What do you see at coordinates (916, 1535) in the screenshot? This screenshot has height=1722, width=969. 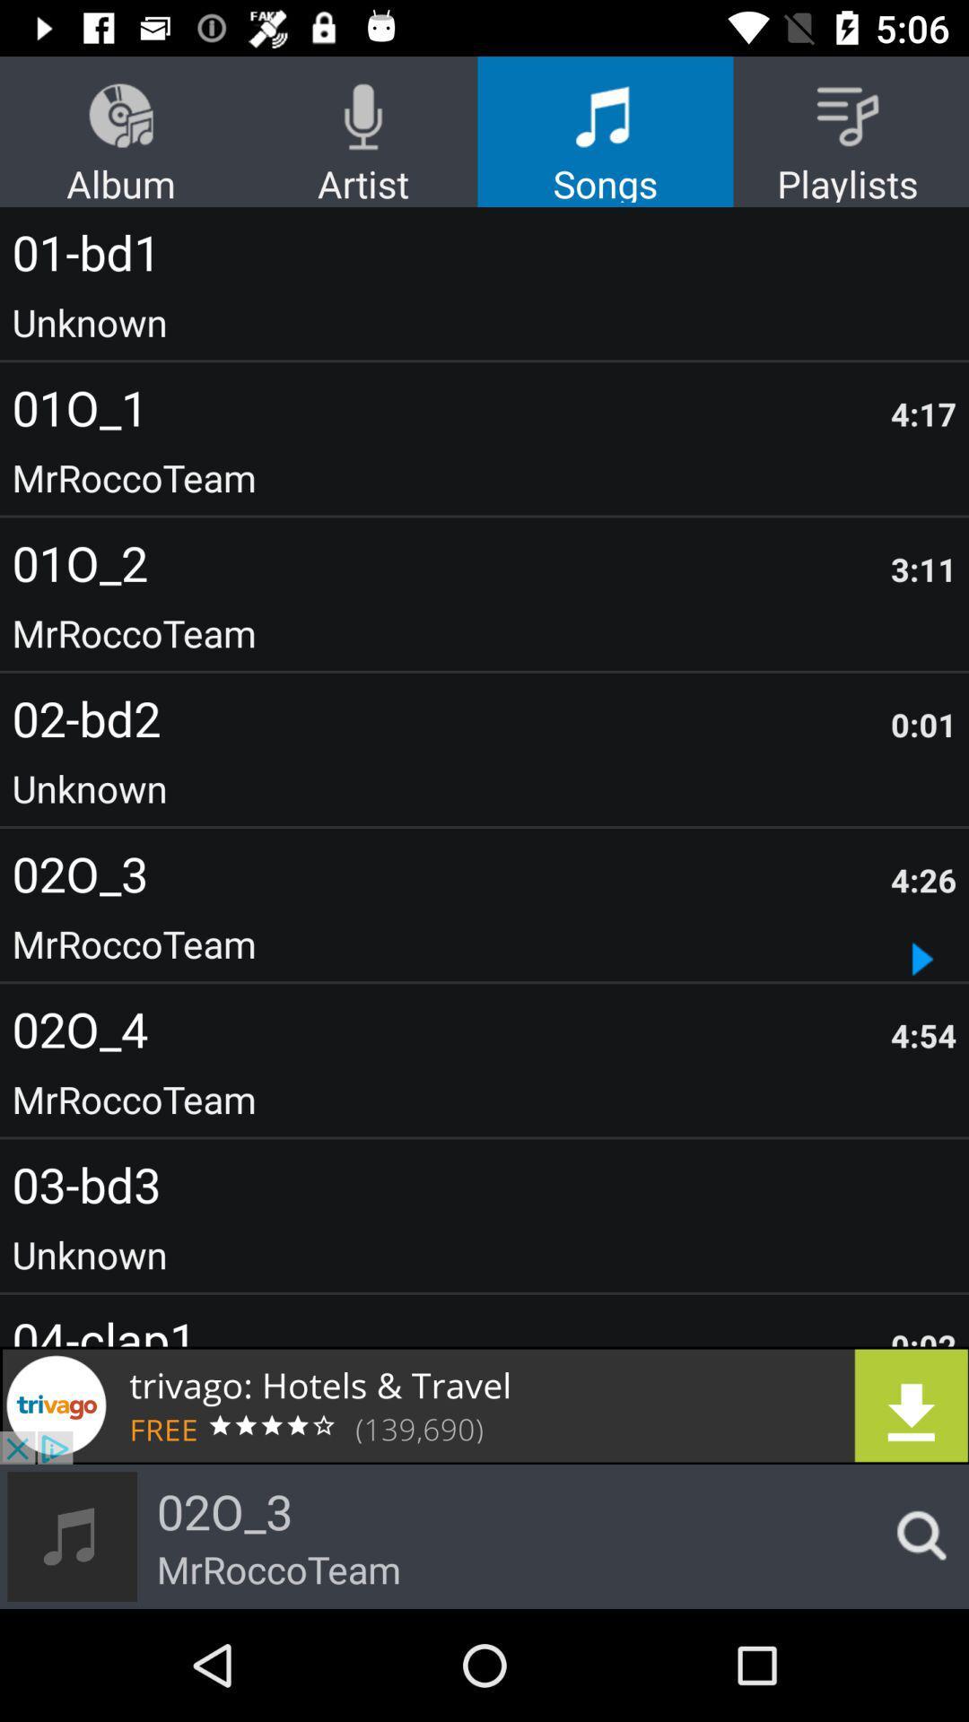 I see `the search icon` at bounding box center [916, 1535].